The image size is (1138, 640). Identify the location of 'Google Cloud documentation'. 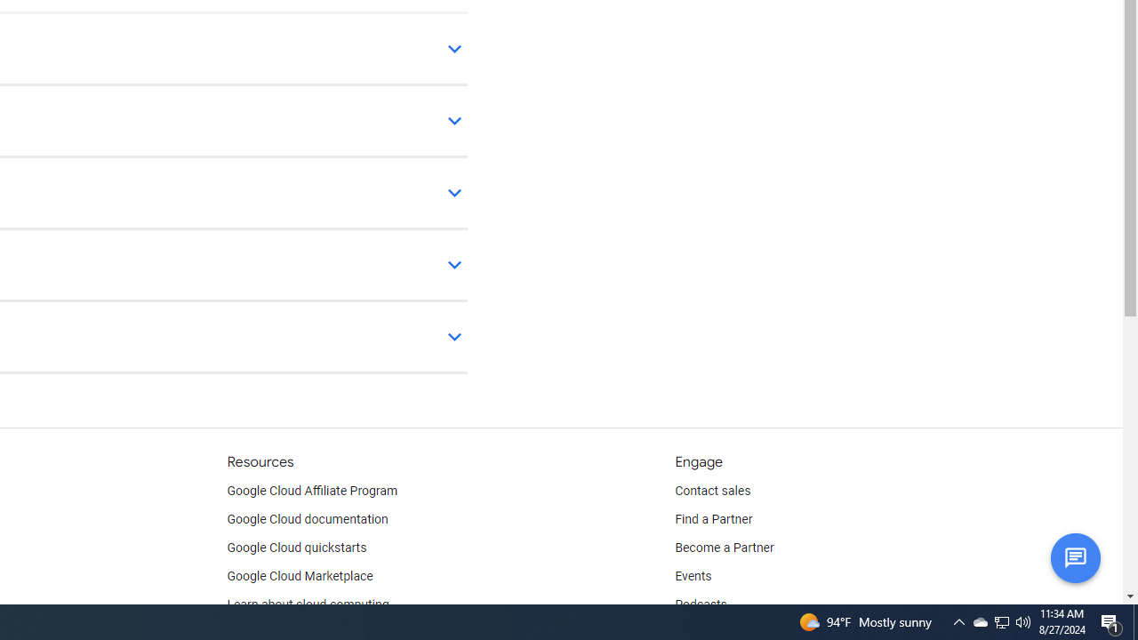
(307, 520).